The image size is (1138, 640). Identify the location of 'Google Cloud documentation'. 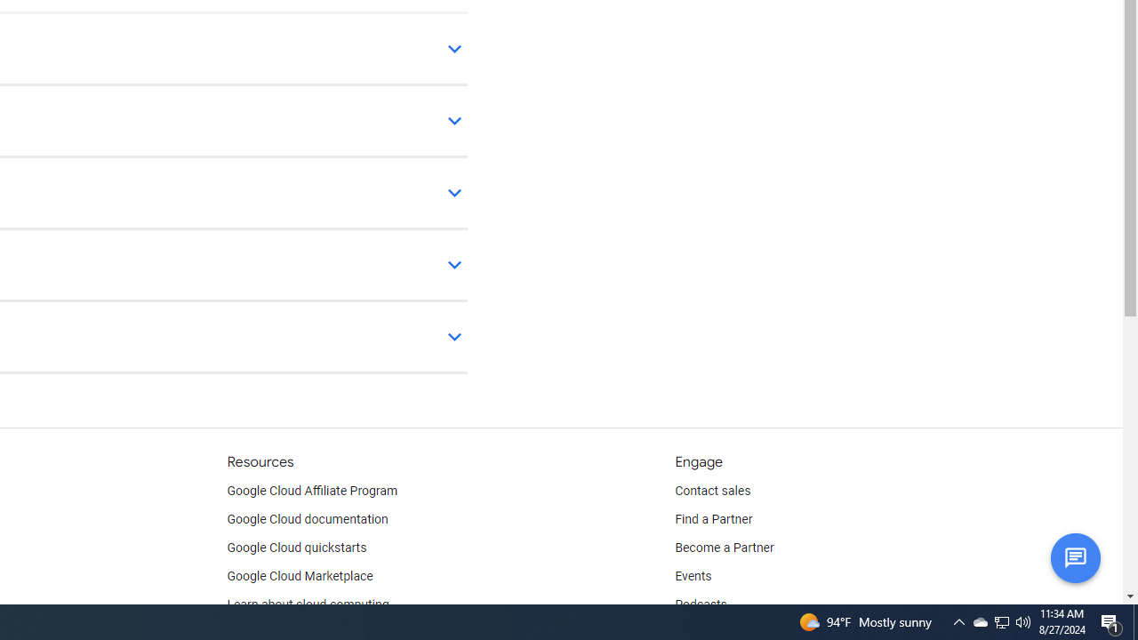
(307, 520).